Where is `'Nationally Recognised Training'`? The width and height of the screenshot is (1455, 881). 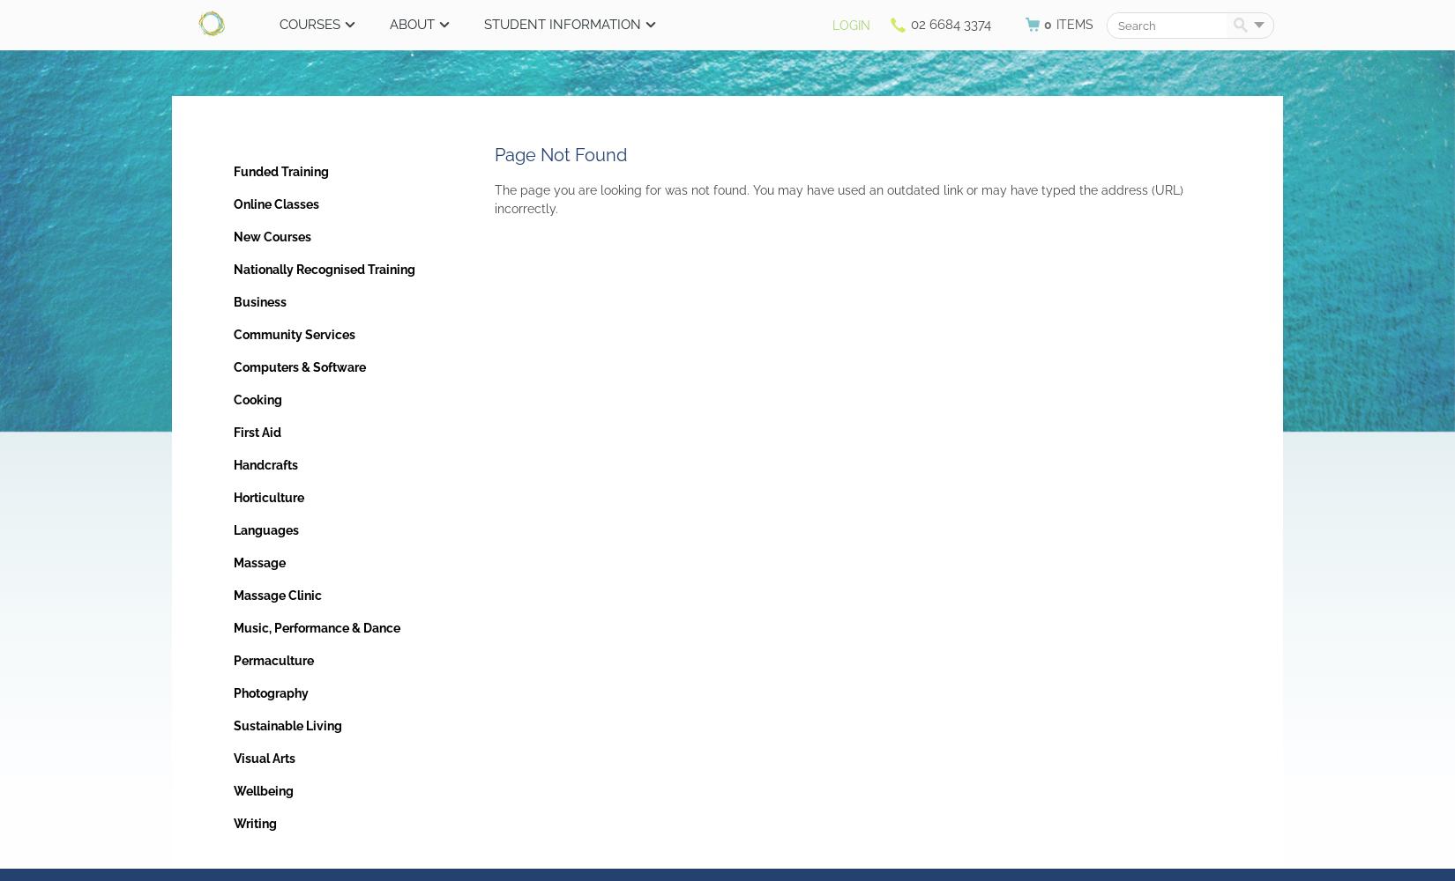
'Nationally Recognised Training' is located at coordinates (324, 270).